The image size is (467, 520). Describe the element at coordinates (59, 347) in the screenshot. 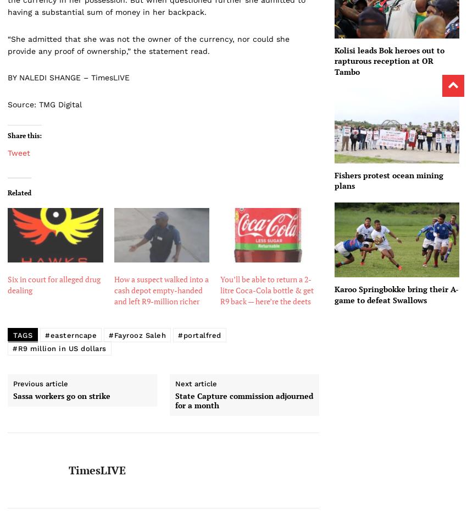

I see `'#R9 million in US dollars'` at that location.